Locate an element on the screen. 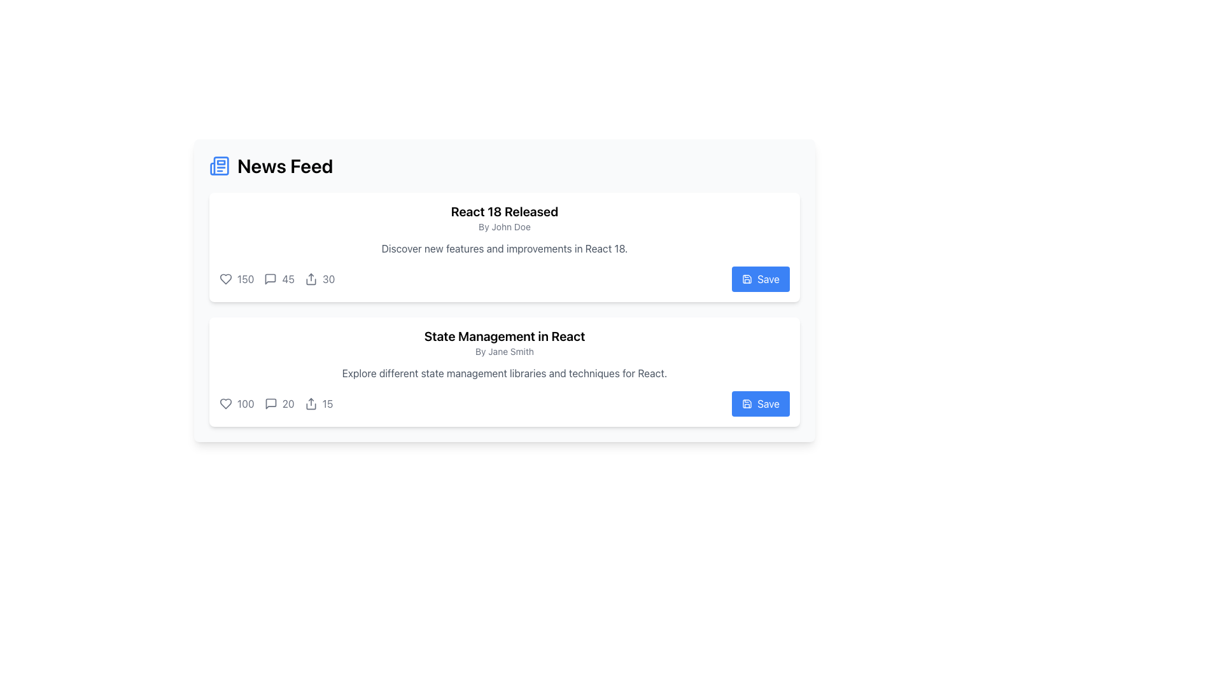 The width and height of the screenshot is (1222, 687). the 'Save' icon located in the top-right corner of the 'State Management in React' card is located at coordinates (747, 404).